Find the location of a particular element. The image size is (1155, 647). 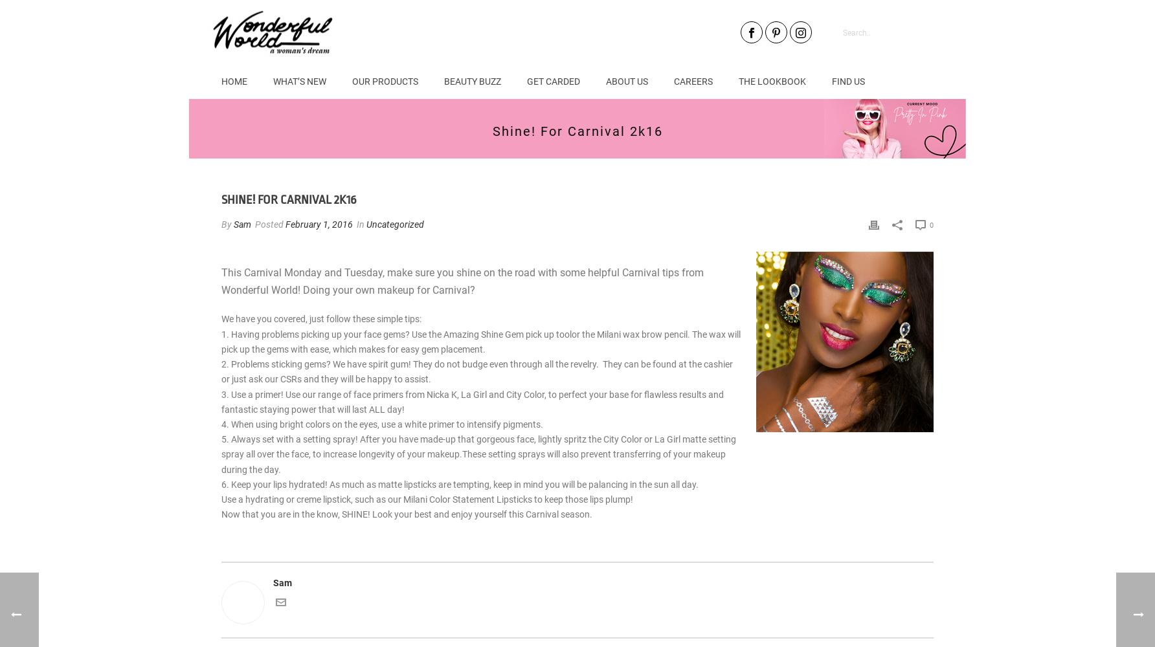

'By' is located at coordinates (227, 224).